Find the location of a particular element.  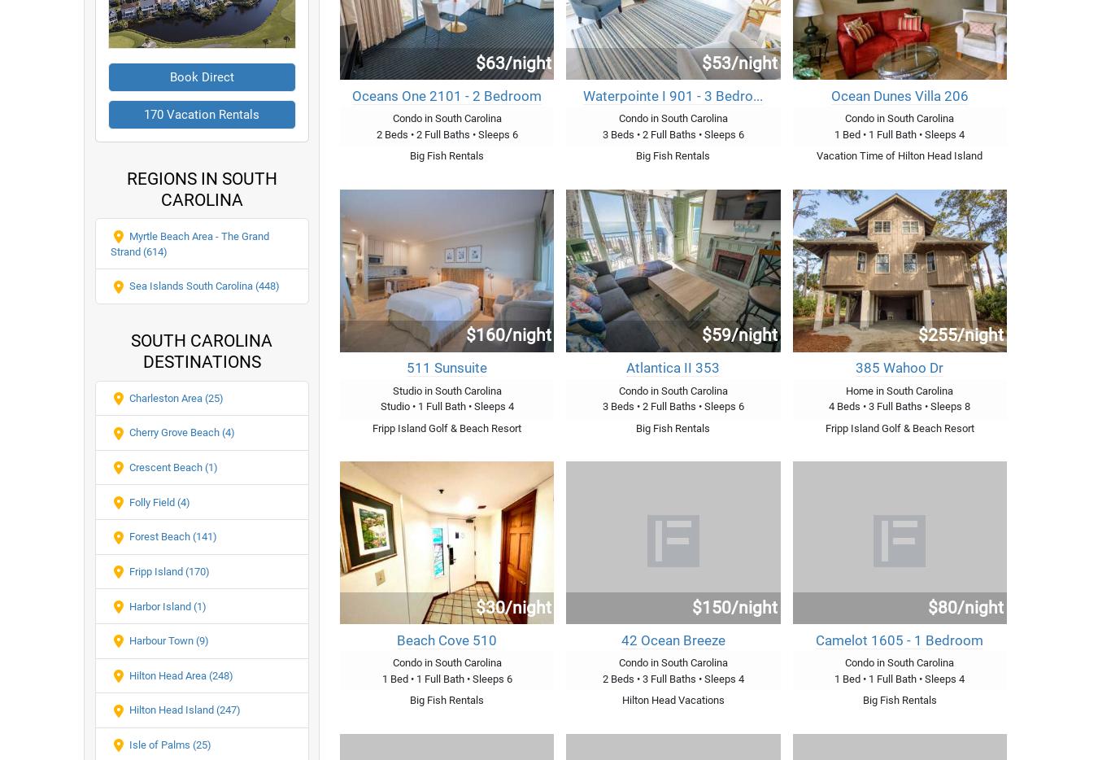

'Vacation Rentals Charleston Area SC' is located at coordinates (516, 225).